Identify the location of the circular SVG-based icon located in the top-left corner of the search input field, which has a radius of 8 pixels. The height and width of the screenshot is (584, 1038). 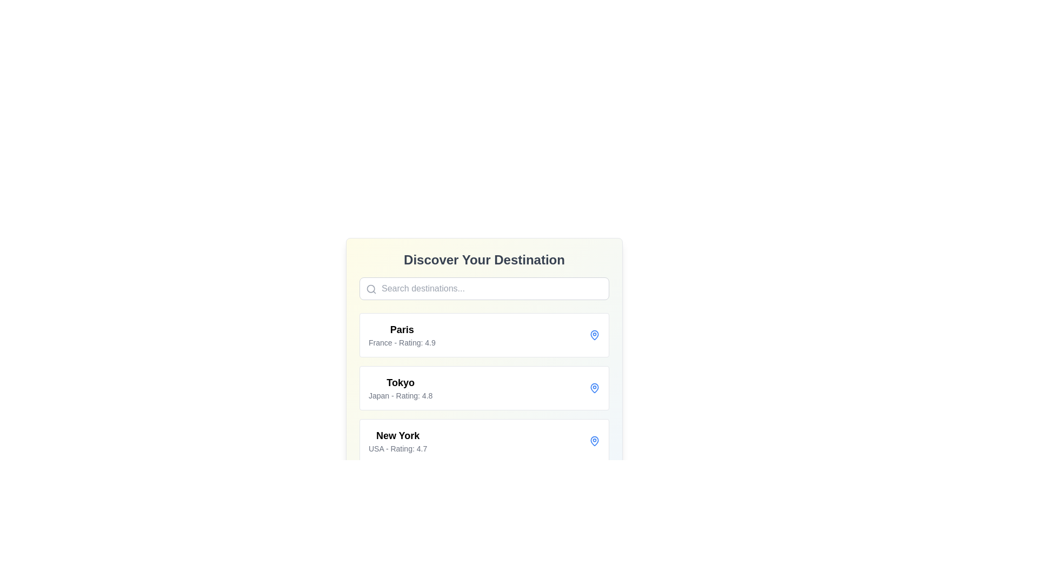
(371, 288).